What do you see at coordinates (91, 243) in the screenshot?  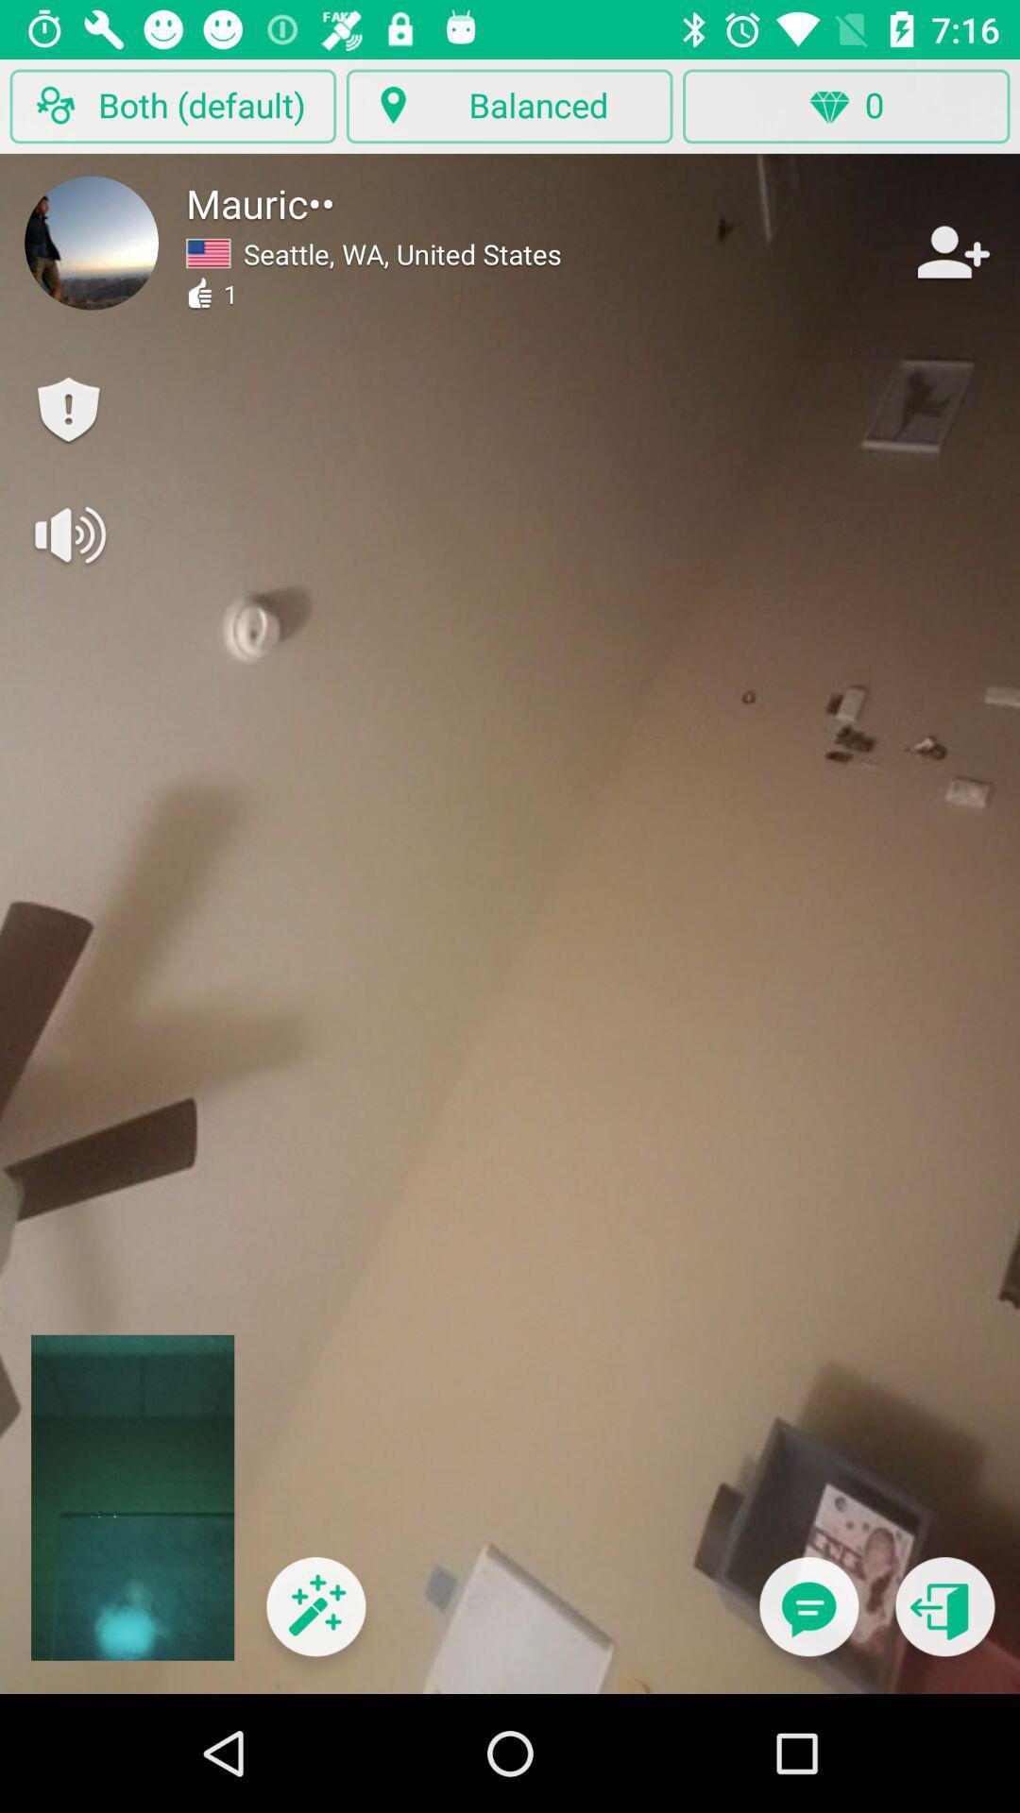 I see `move to left of mauric` at bounding box center [91, 243].